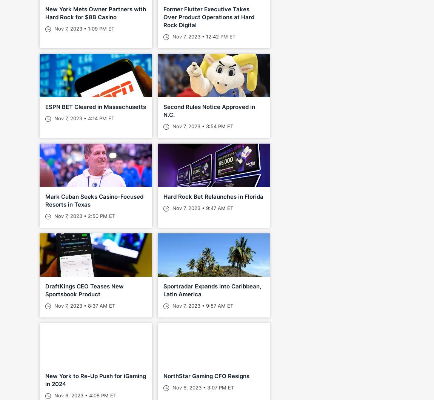 This screenshot has width=434, height=400. Describe the element at coordinates (213, 196) in the screenshot. I see `'Hard Rock Bet Relaunches in Florida'` at that location.